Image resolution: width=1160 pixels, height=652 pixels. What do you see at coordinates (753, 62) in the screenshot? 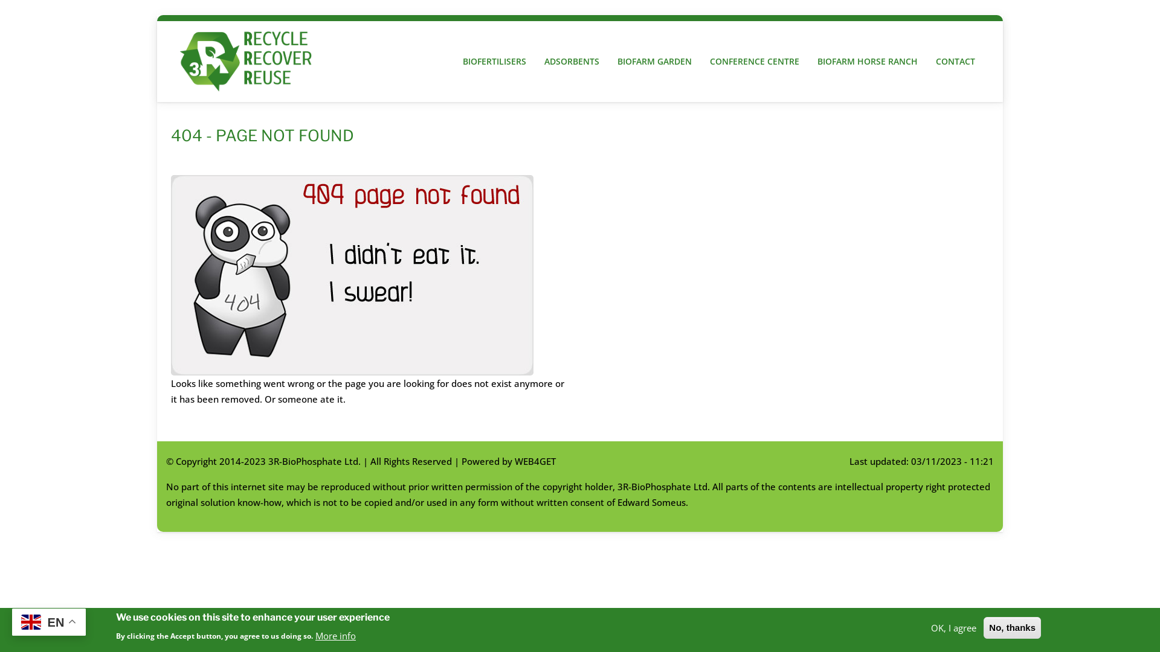
I see `'CONFERENCE CENTRE'` at bounding box center [753, 62].